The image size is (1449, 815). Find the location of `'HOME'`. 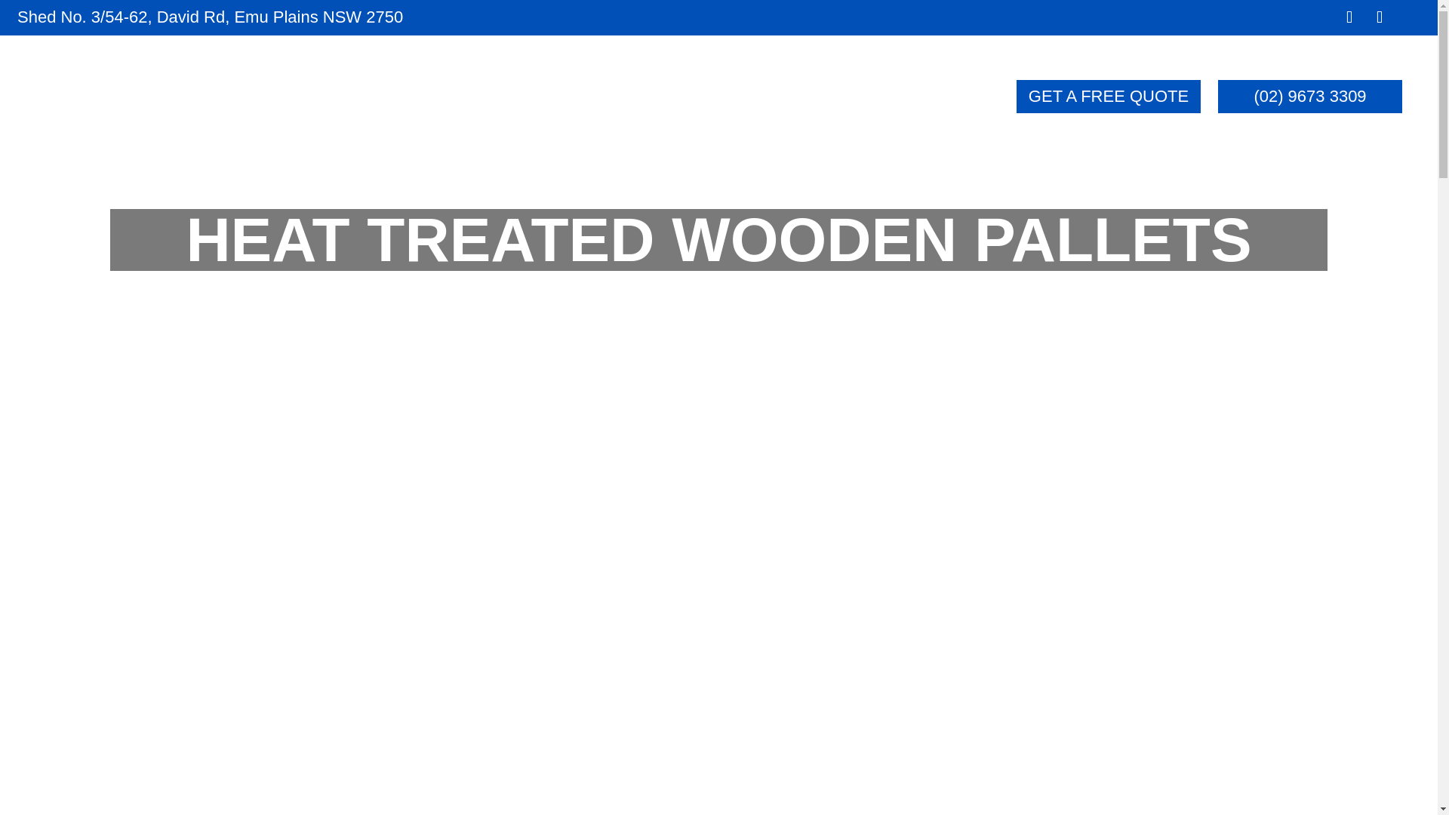

'HOME' is located at coordinates (335, 99).